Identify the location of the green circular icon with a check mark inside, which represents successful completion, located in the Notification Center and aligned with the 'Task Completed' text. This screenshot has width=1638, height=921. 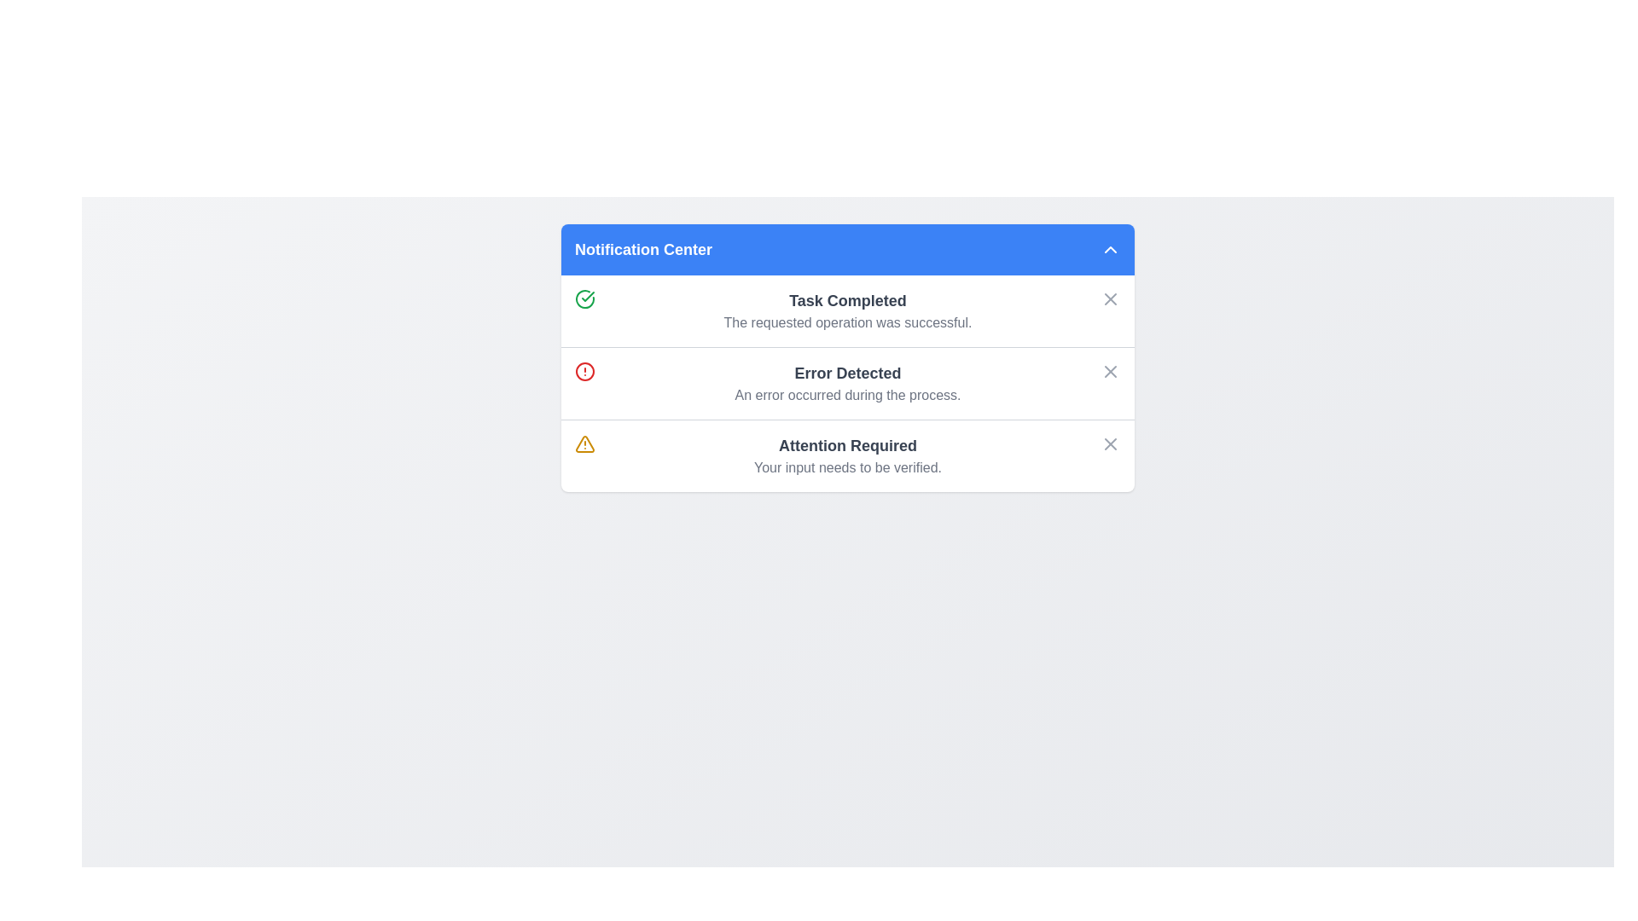
(585, 298).